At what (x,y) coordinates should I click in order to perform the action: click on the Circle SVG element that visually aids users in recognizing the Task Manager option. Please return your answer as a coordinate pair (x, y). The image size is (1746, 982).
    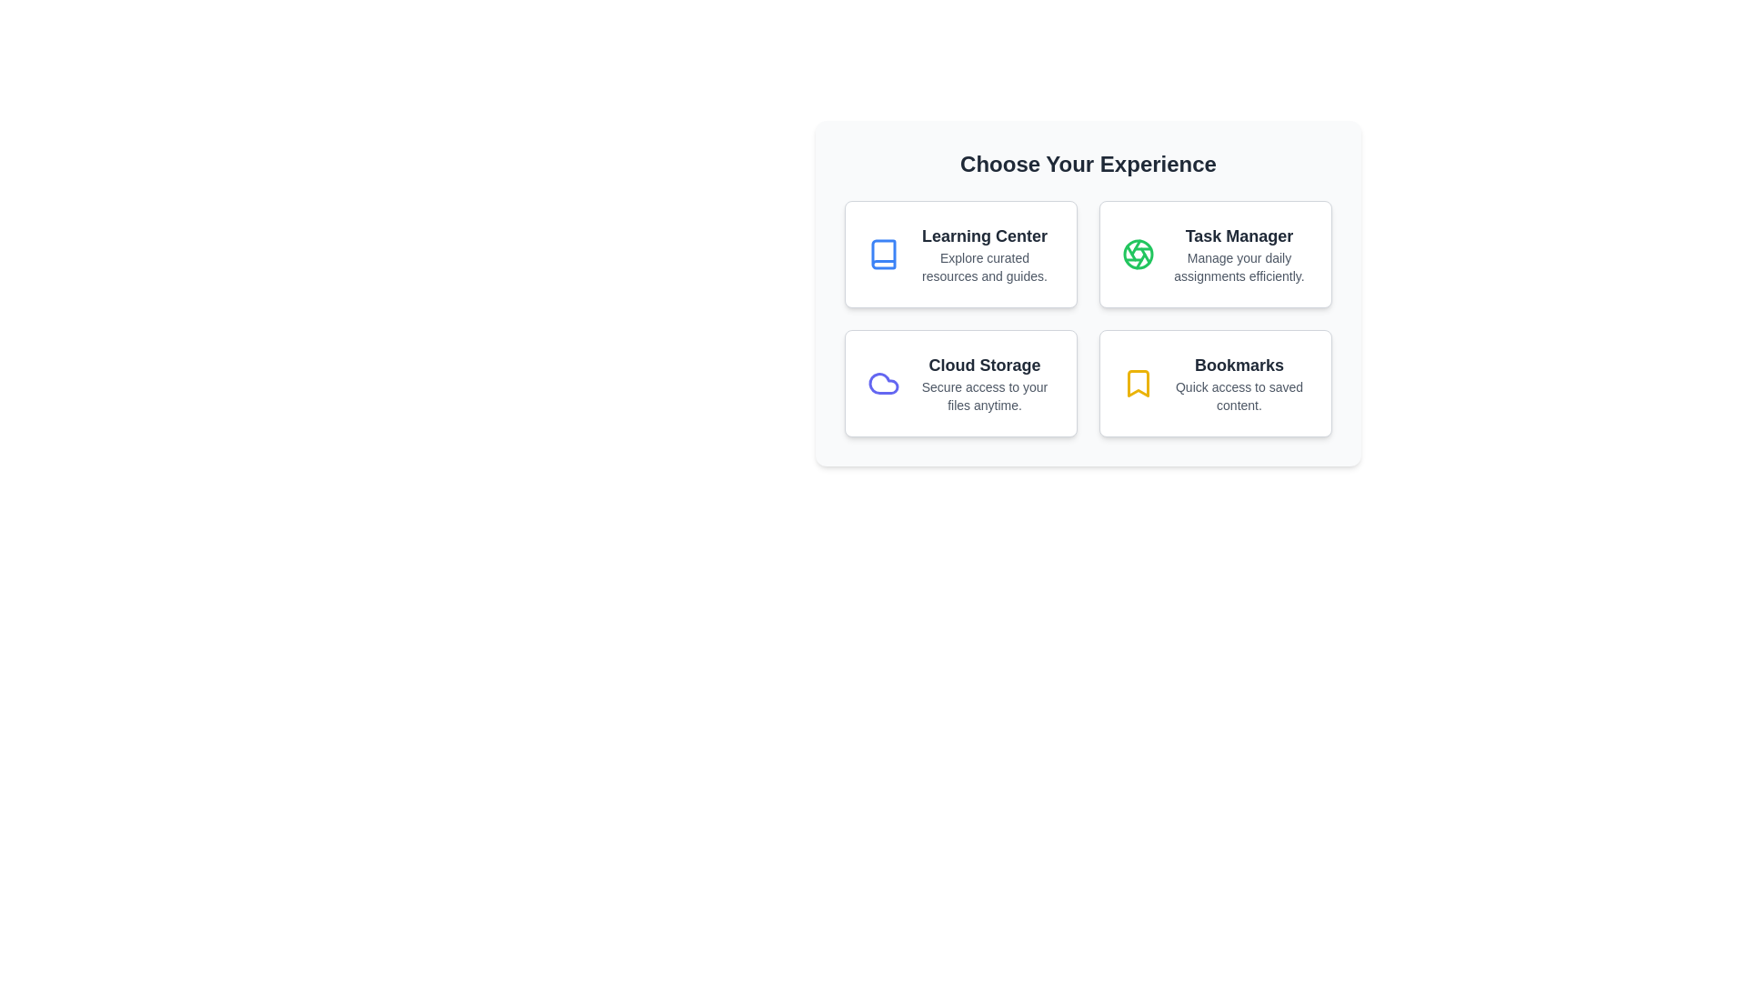
    Looking at the image, I should click on (1138, 255).